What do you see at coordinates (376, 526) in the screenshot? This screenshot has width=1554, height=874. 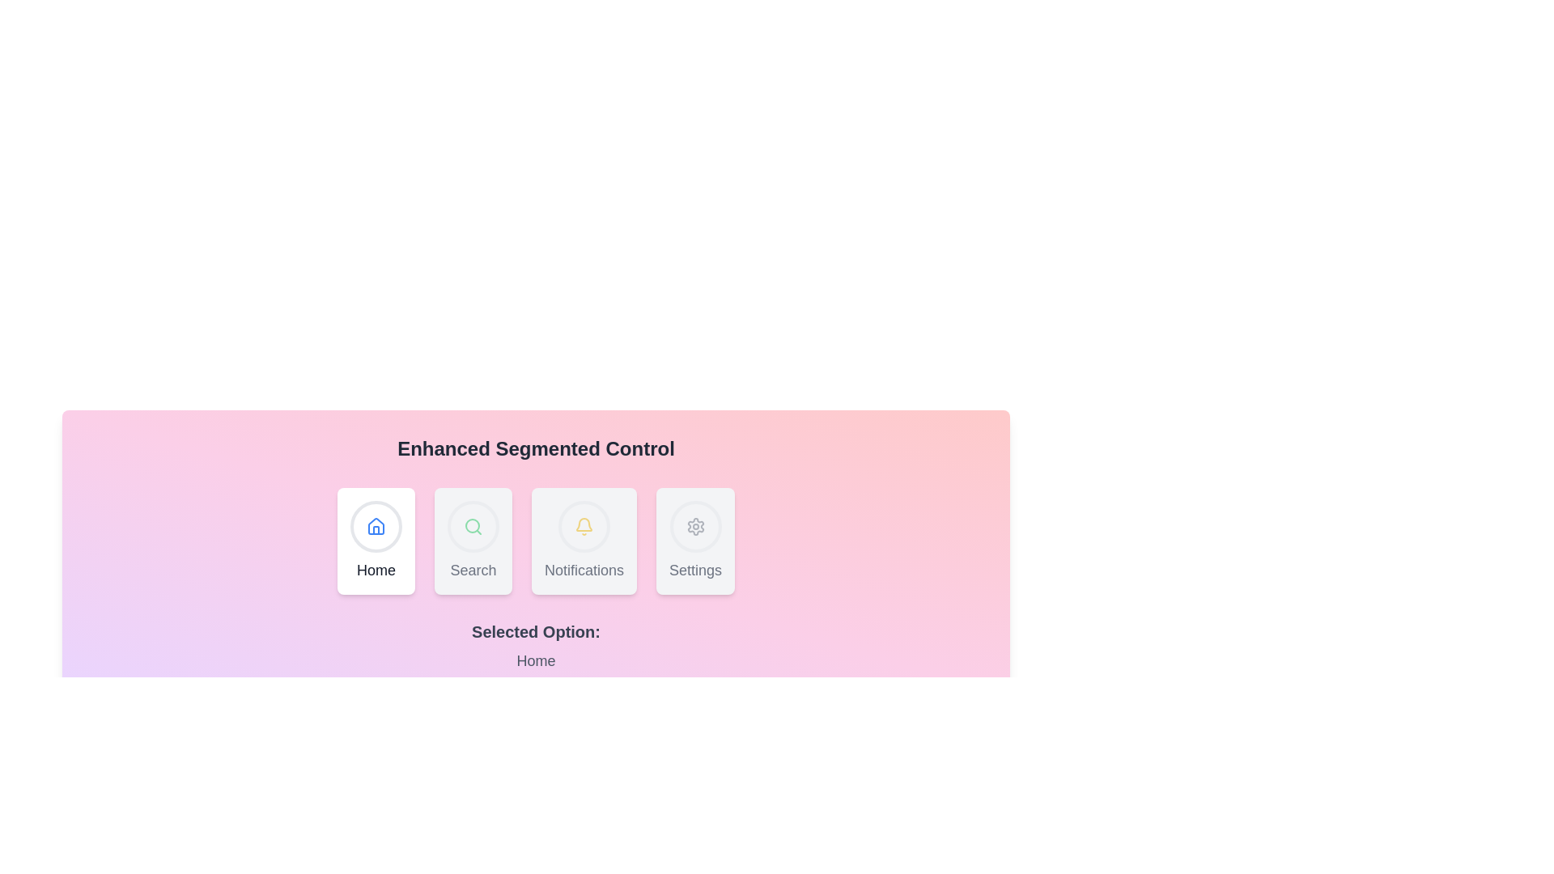 I see `the house icon element within the 'Home' button, which is part of the SVG graphic in the primary navigation panel labeled 'Enhanced Segmented Control'` at bounding box center [376, 526].